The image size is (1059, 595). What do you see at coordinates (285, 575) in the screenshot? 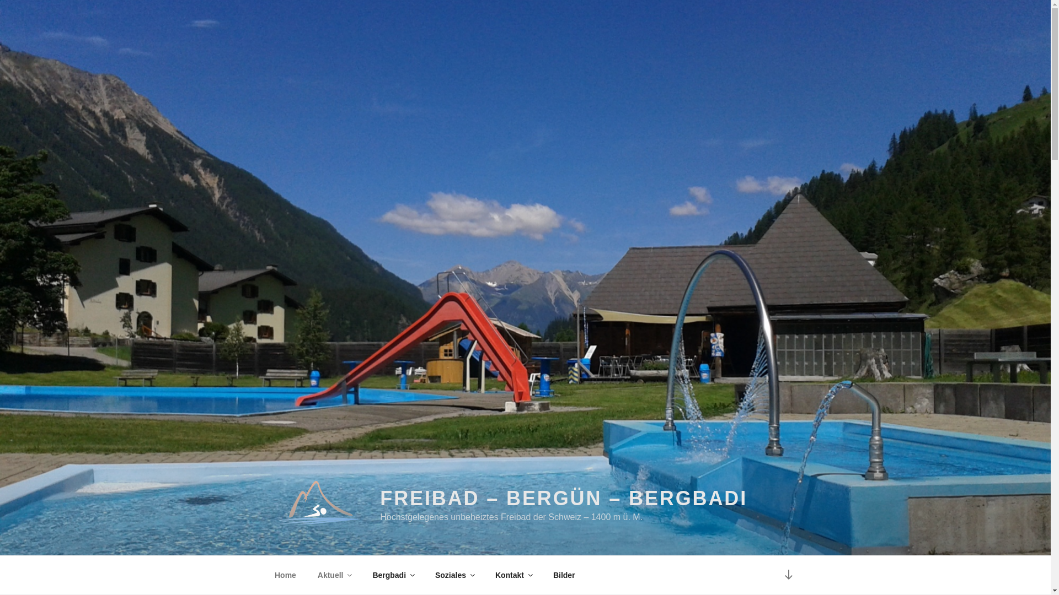
I see `'Home'` at bounding box center [285, 575].